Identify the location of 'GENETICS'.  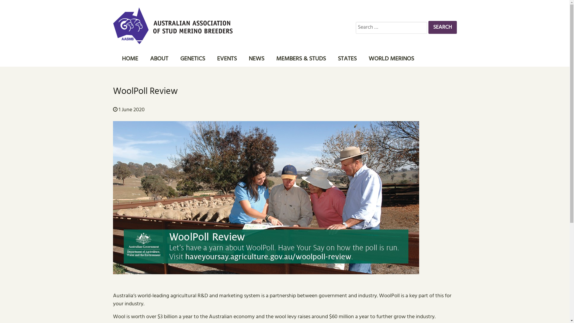
(192, 59).